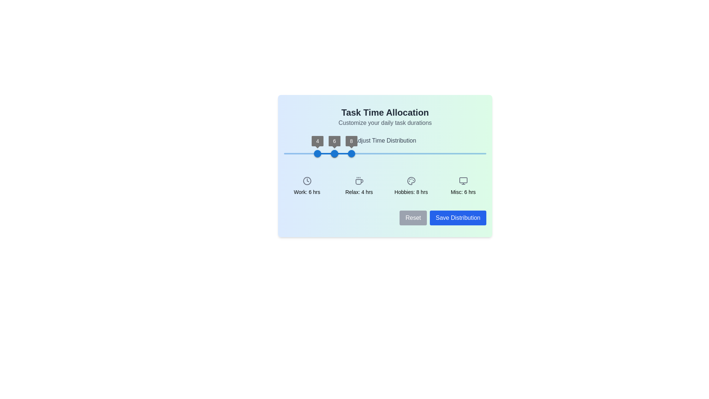 The width and height of the screenshot is (709, 399). What do you see at coordinates (411, 181) in the screenshot?
I see `the 'Hobbies' category icon located in the lower section of the task distribution interface, which is the third icon from the left` at bounding box center [411, 181].